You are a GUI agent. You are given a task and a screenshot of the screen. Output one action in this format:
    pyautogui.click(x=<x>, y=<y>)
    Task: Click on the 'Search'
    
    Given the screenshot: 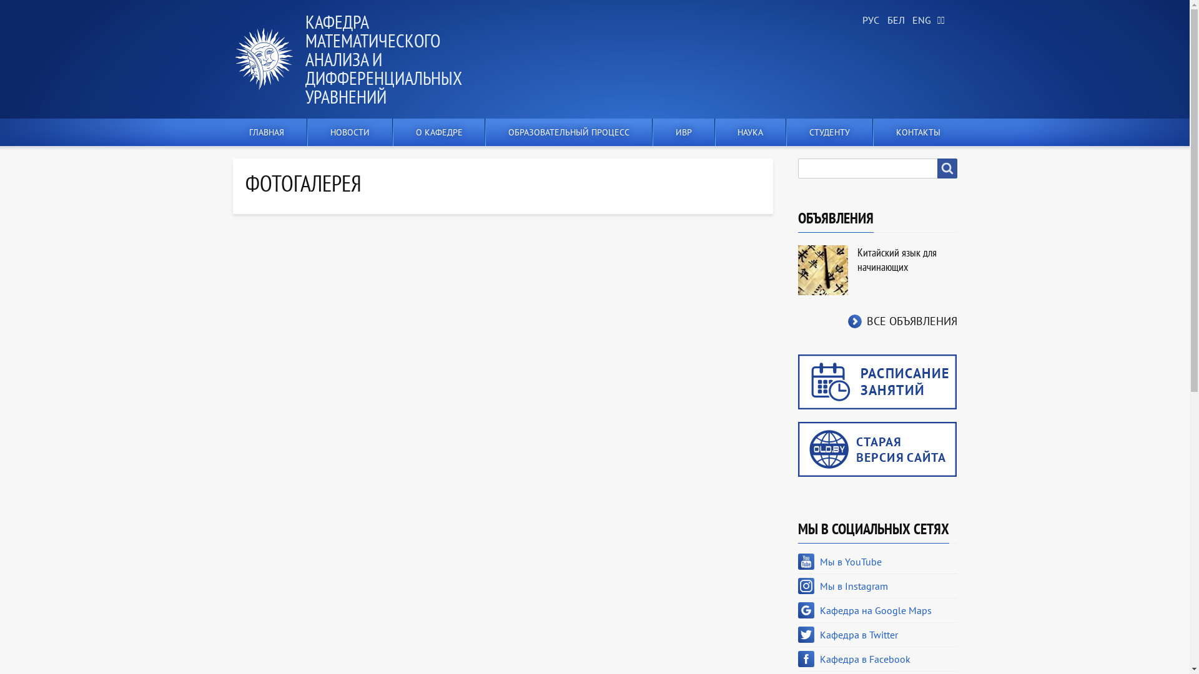 What is the action you would take?
    pyautogui.click(x=947, y=168)
    